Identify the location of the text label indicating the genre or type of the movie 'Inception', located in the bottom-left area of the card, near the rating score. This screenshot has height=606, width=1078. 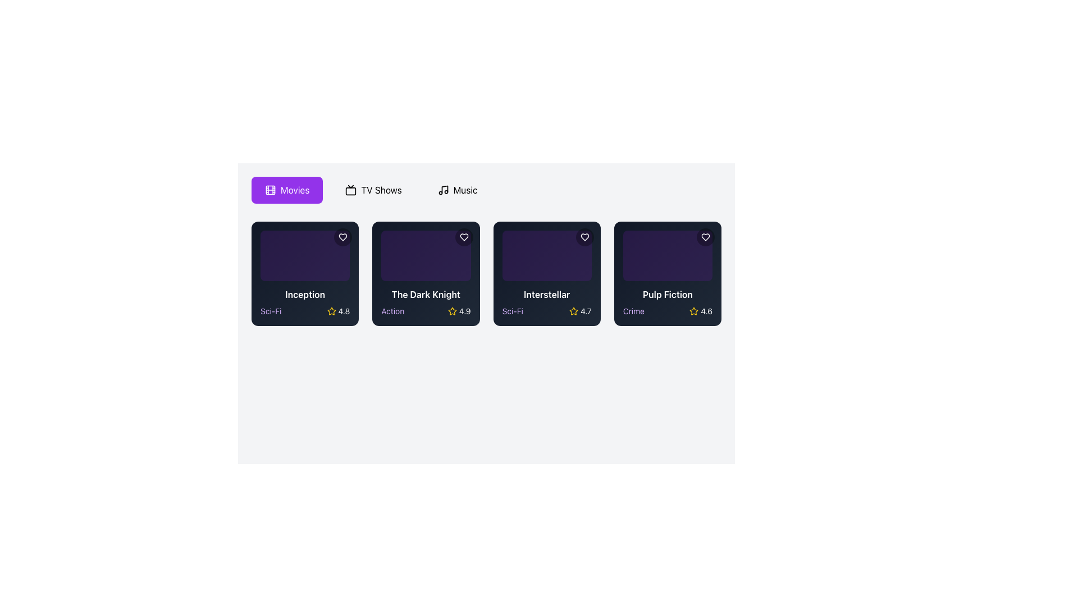
(271, 311).